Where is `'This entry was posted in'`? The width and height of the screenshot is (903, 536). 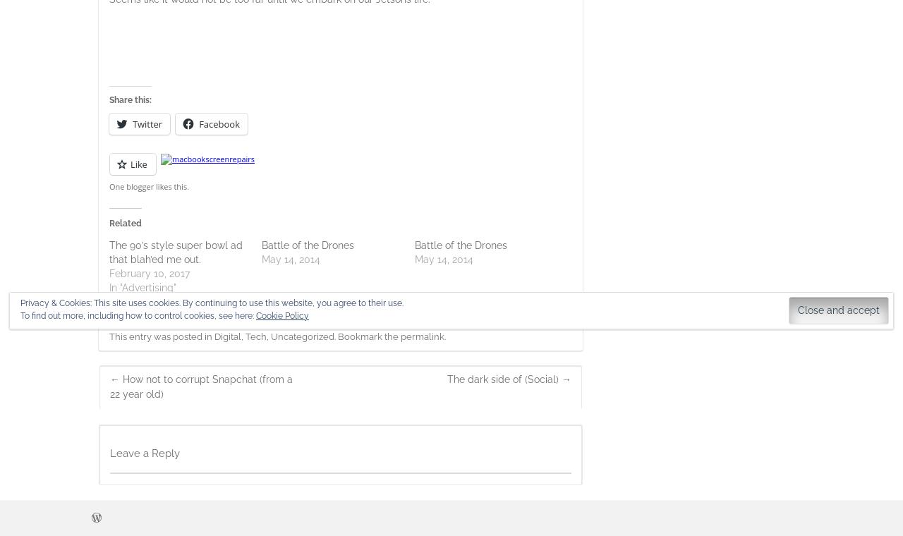 'This entry was posted in' is located at coordinates (162, 336).